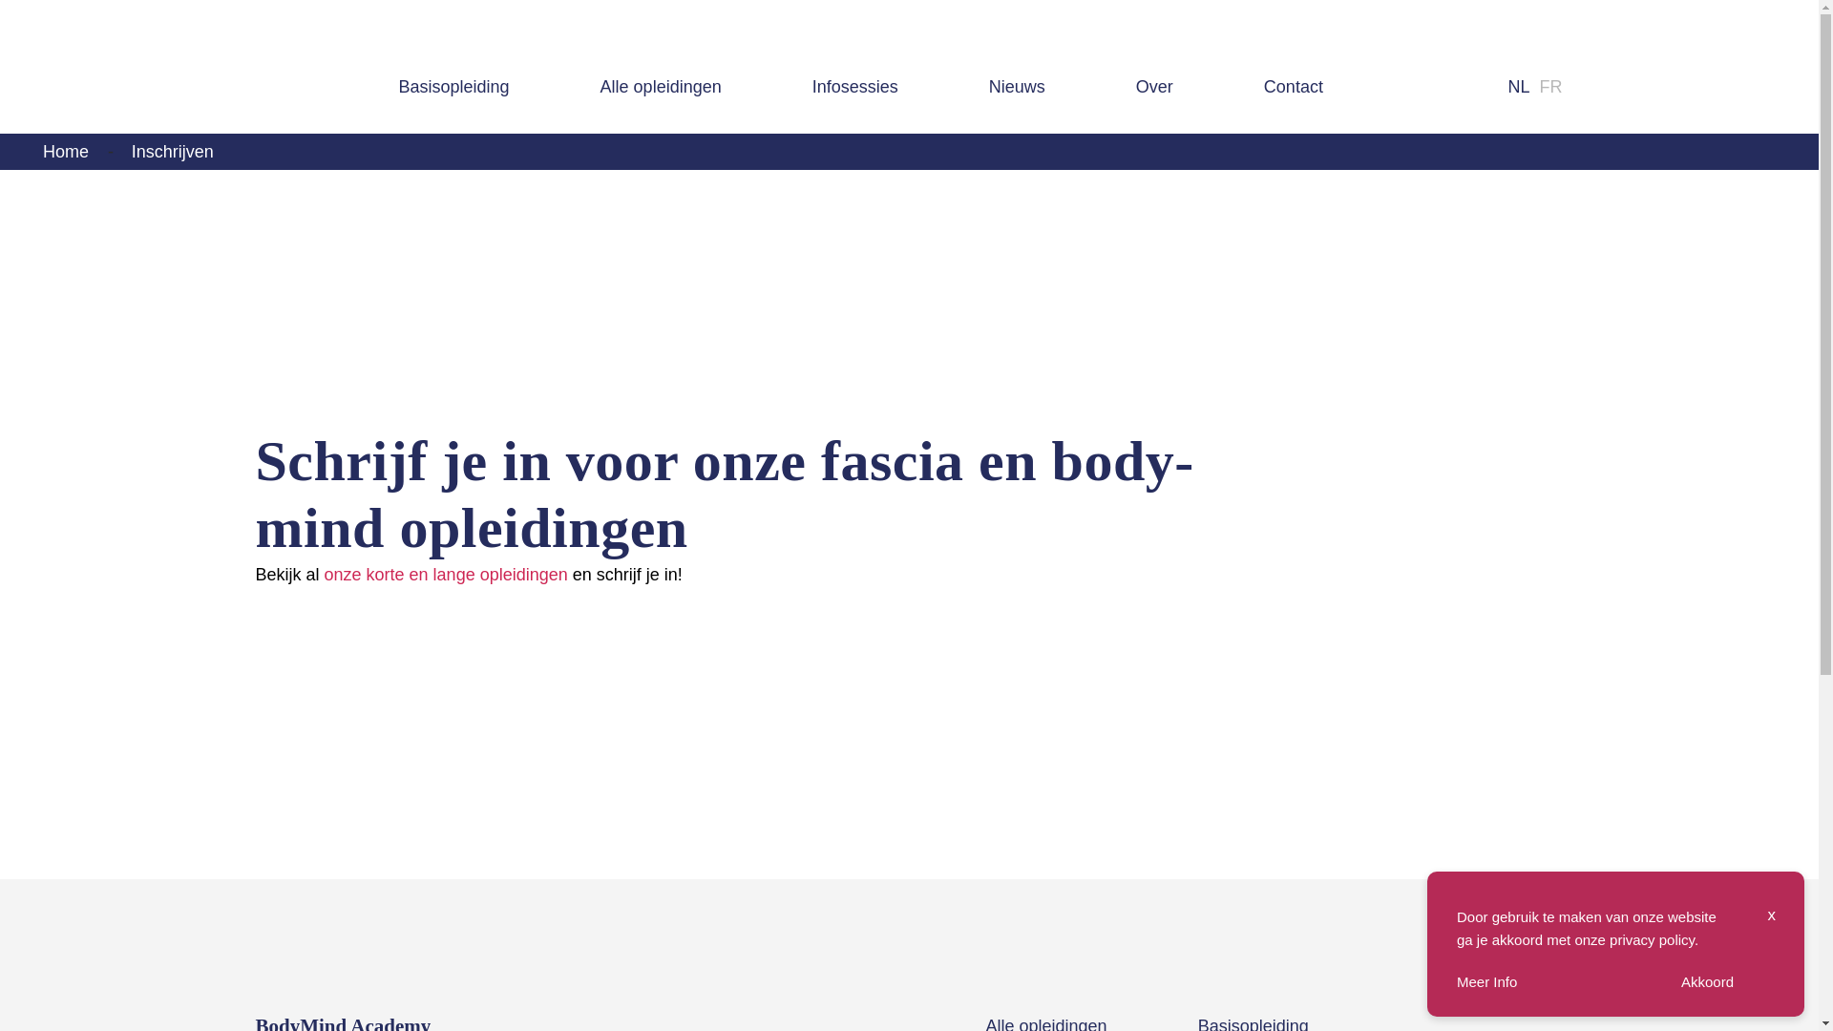 The width and height of the screenshot is (1833, 1031). I want to click on 'onze korte en lange opleidingen', so click(445, 574).